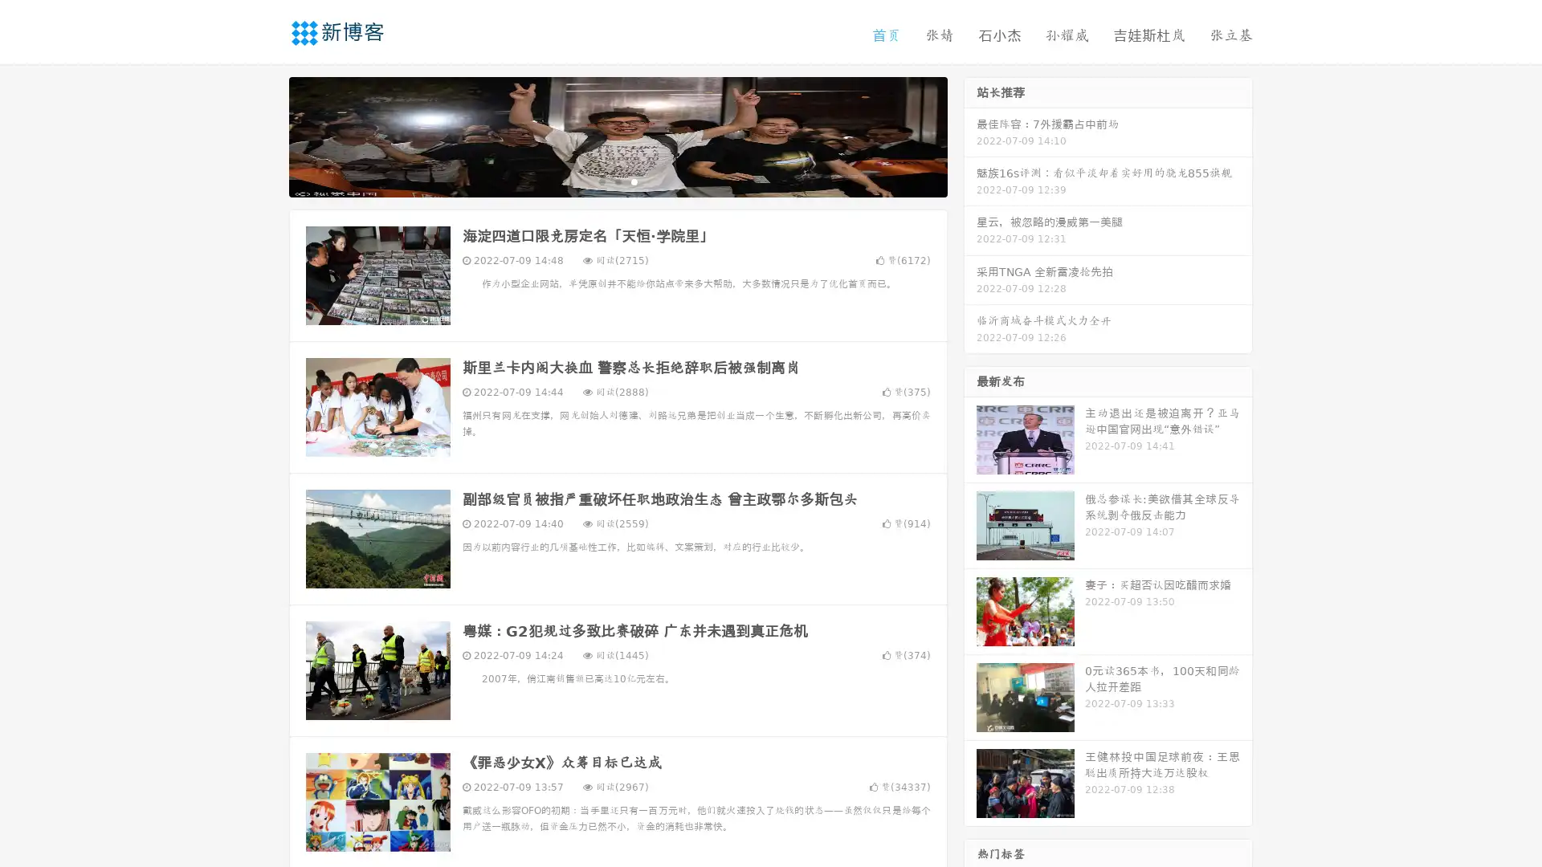  I want to click on Previous slide, so click(265, 135).